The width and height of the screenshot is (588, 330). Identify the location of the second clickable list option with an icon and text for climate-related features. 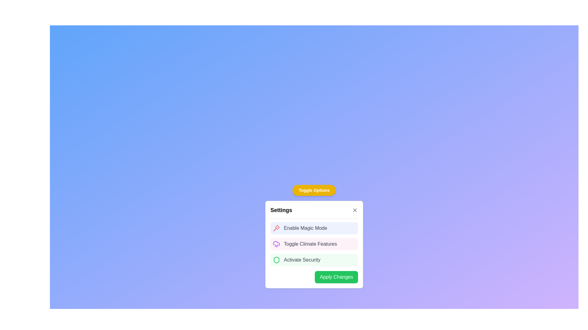
(314, 244).